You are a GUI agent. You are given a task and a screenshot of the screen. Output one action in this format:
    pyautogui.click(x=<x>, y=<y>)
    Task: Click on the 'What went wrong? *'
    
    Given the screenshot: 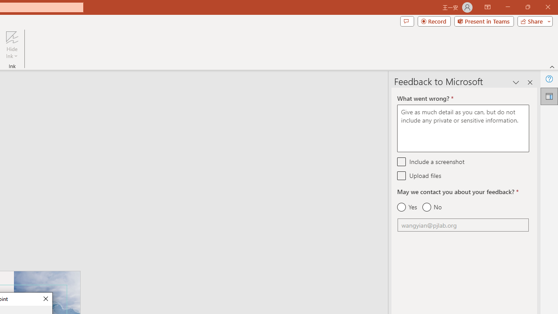 What is the action you would take?
    pyautogui.click(x=463, y=128)
    